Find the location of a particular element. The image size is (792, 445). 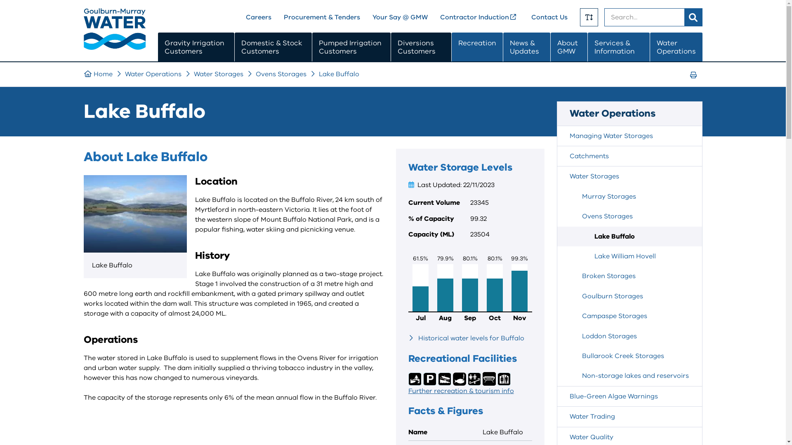

'Gravity Irrigation Customers' is located at coordinates (195, 47).